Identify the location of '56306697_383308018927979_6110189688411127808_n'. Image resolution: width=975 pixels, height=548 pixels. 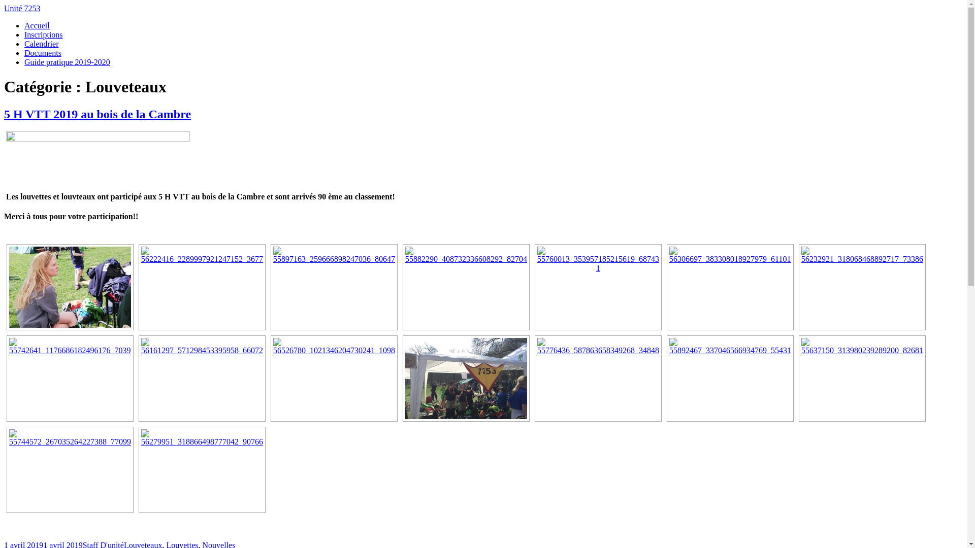
(669, 287).